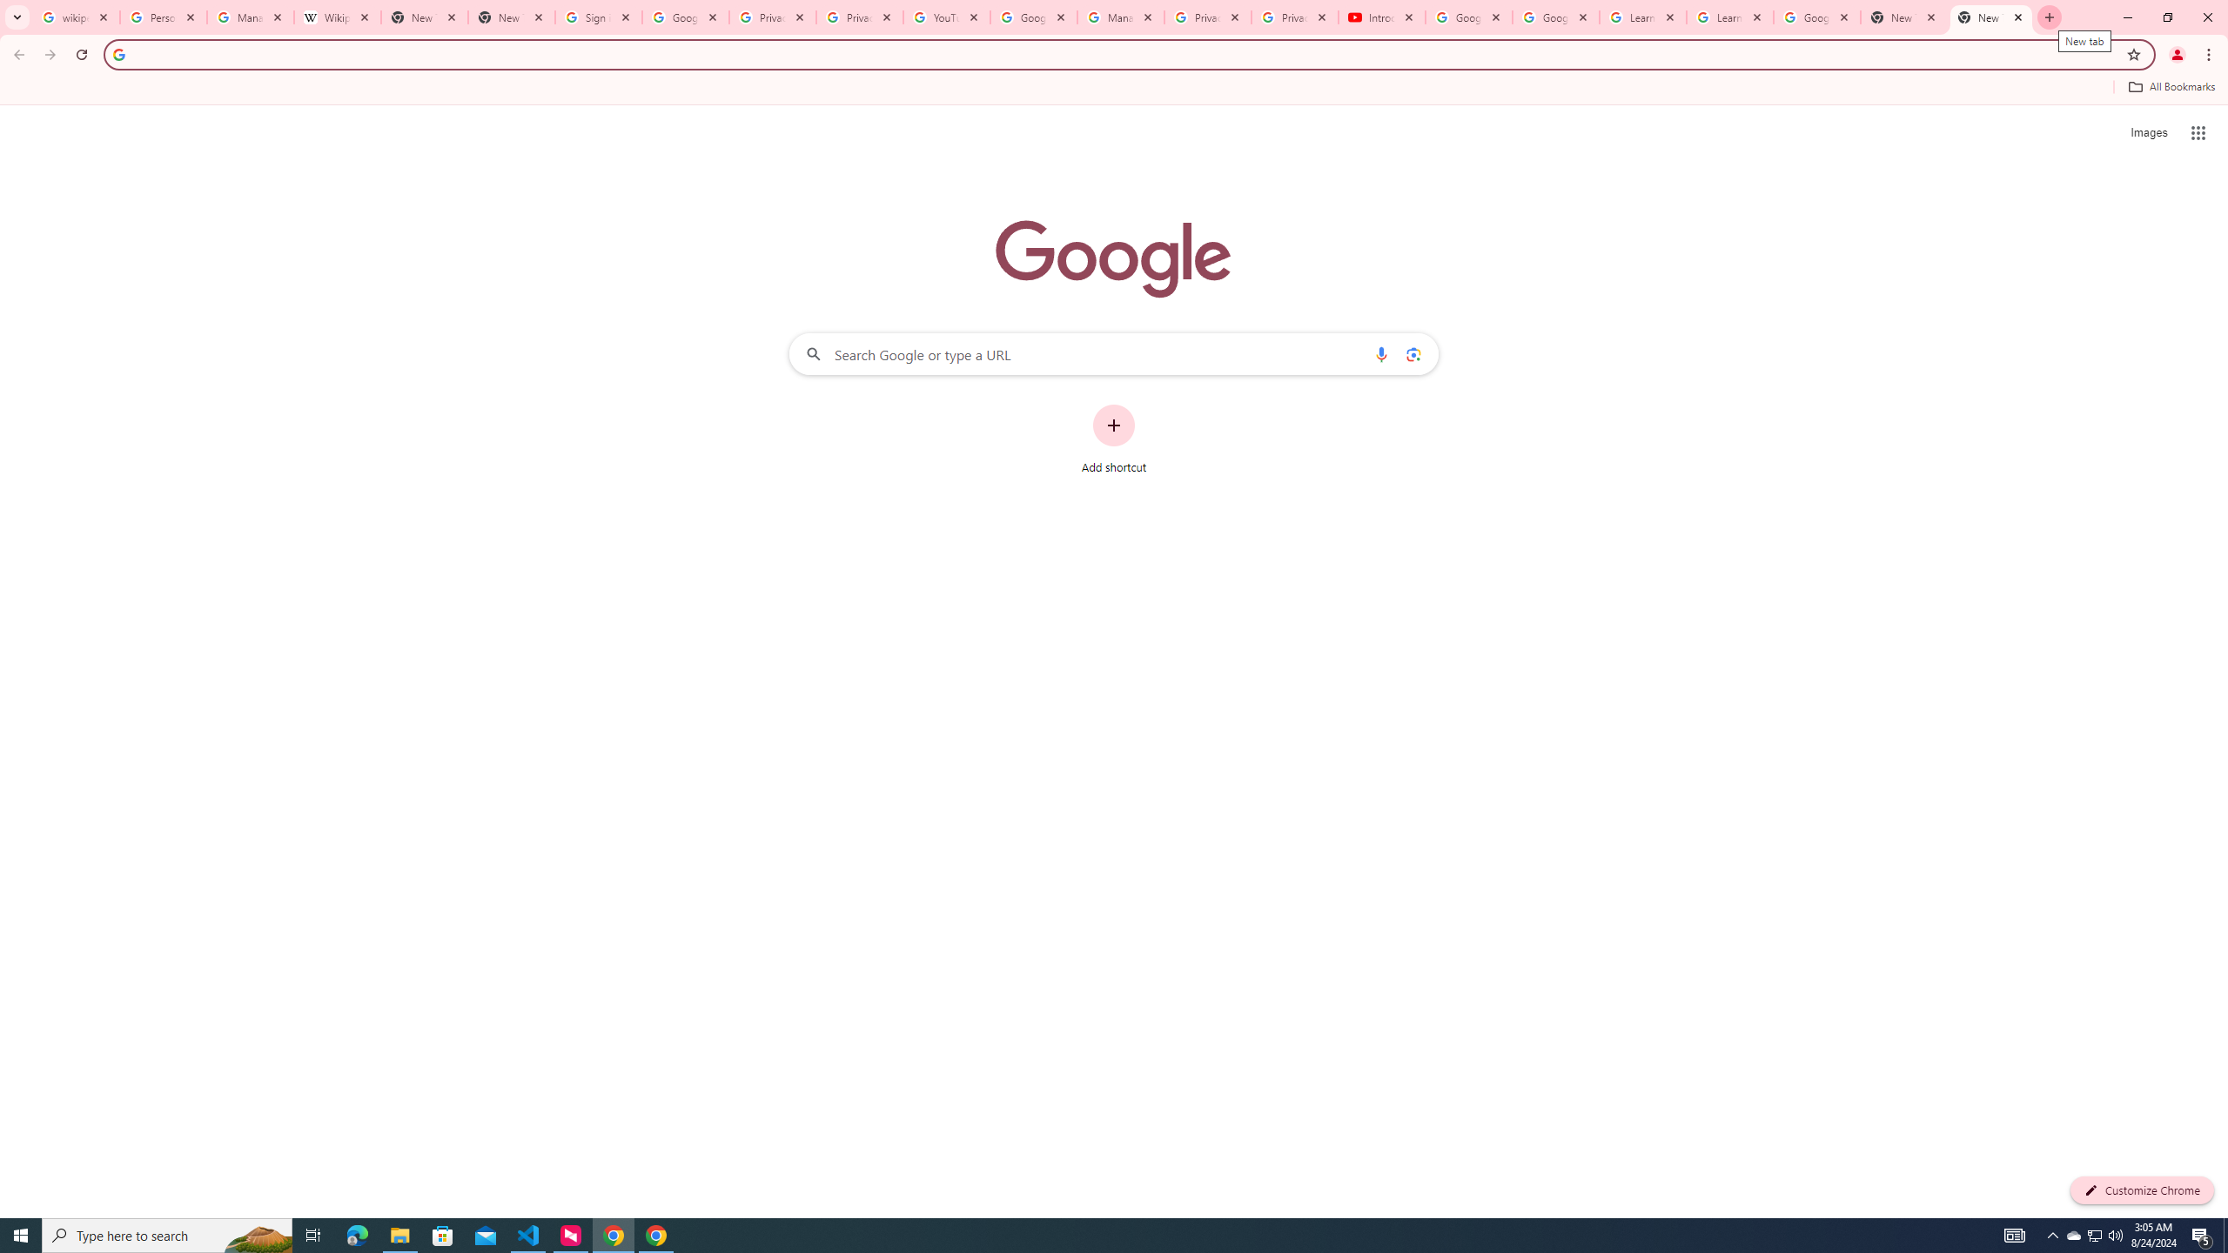 The height and width of the screenshot is (1253, 2228). Describe the element at coordinates (599, 17) in the screenshot. I see `'Sign in - Google Accounts'` at that location.